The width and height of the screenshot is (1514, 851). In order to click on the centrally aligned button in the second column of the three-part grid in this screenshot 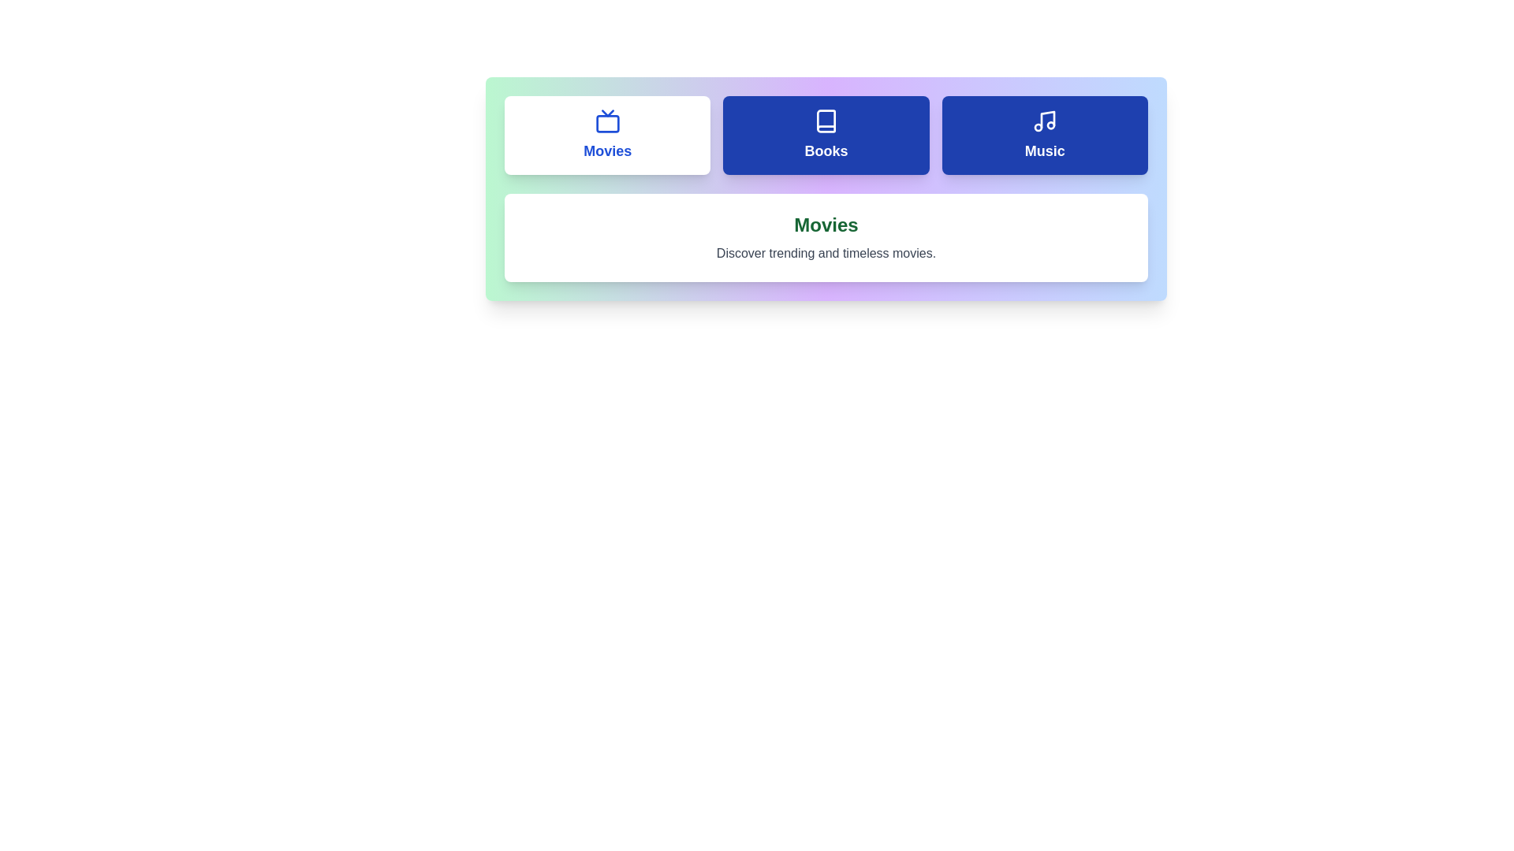, I will do `click(825, 135)`.